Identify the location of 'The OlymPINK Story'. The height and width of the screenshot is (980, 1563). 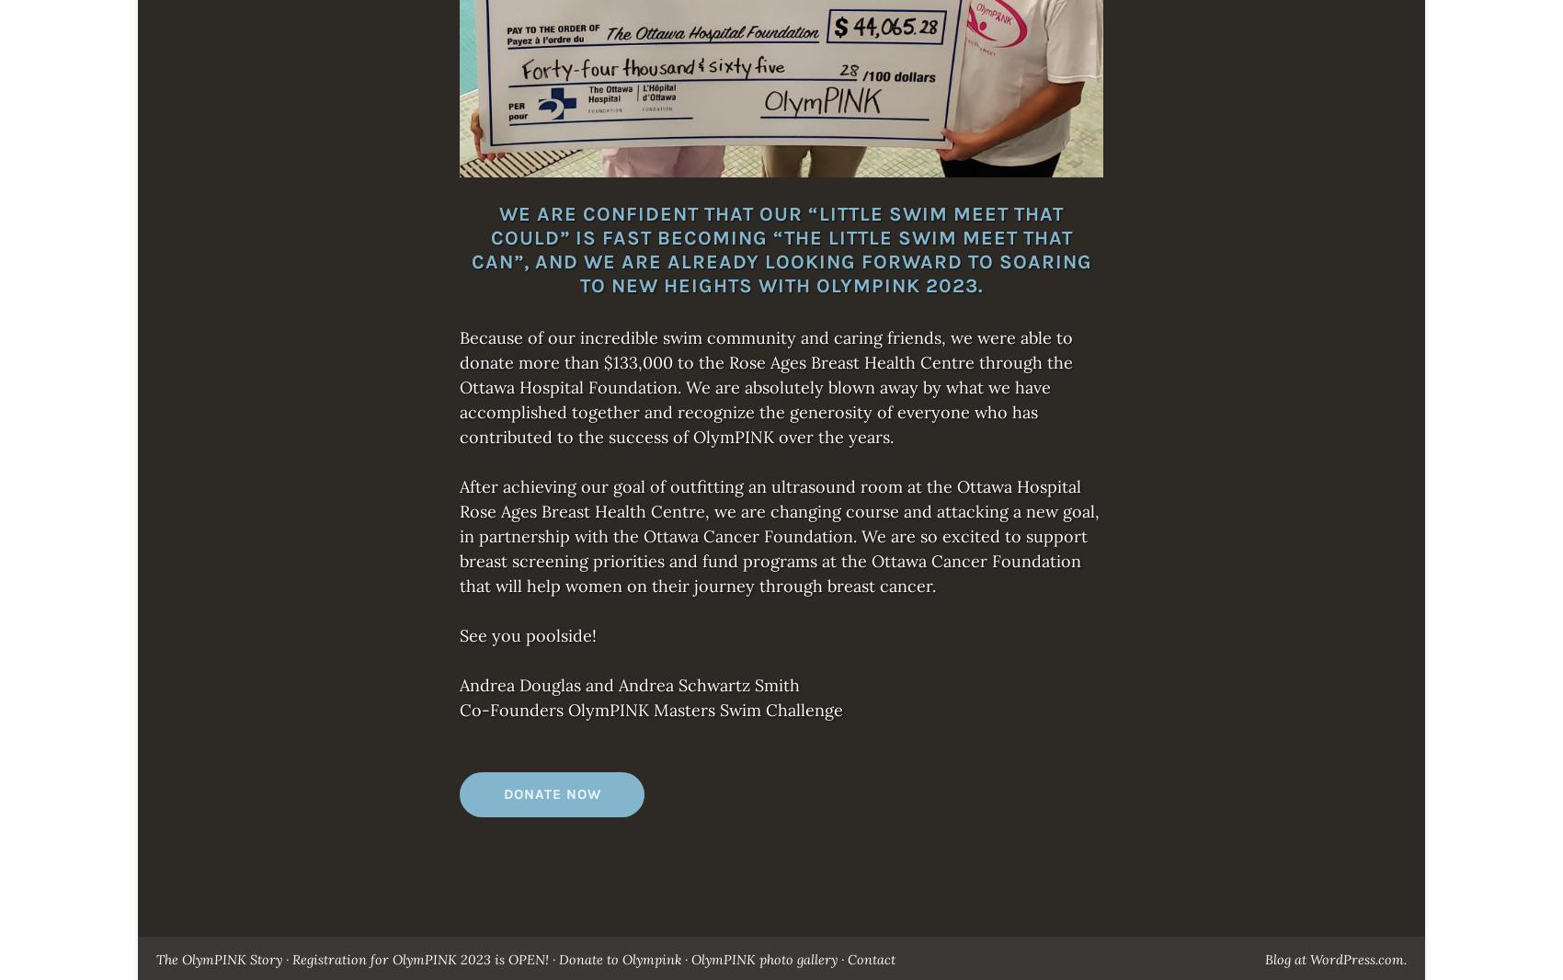
(155, 960).